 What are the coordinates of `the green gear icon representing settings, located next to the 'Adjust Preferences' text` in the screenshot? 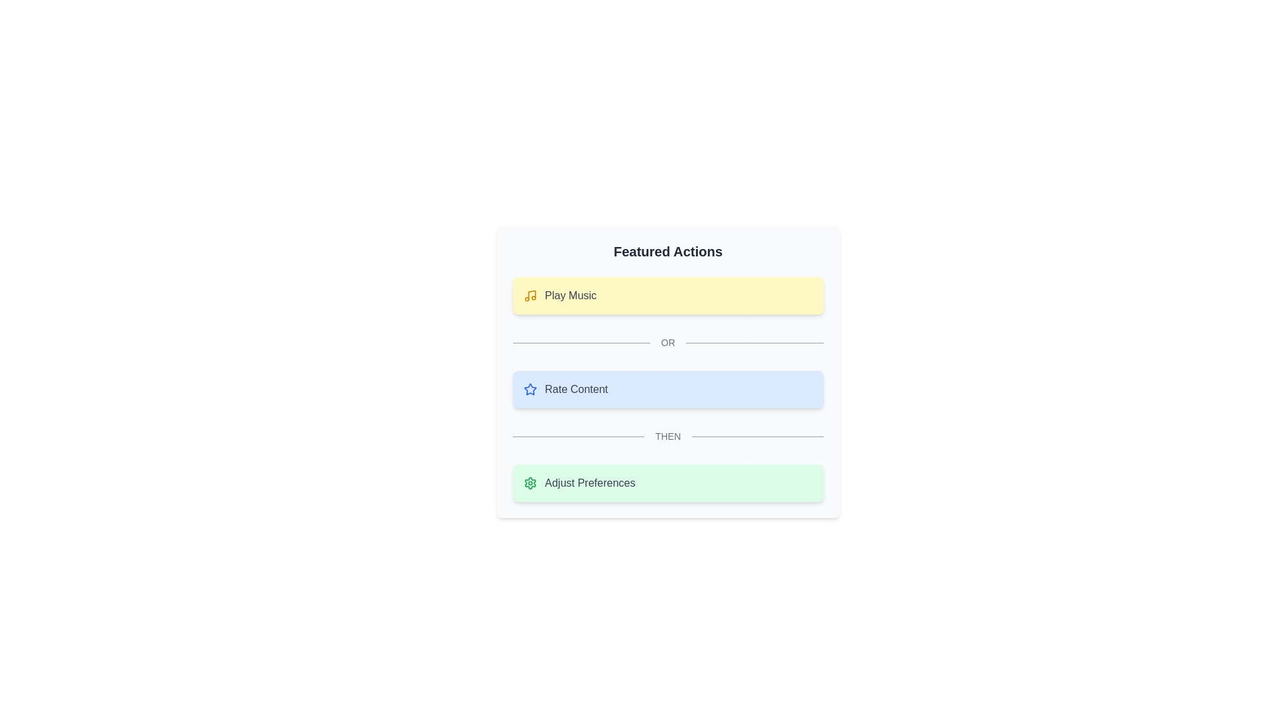 It's located at (529, 483).